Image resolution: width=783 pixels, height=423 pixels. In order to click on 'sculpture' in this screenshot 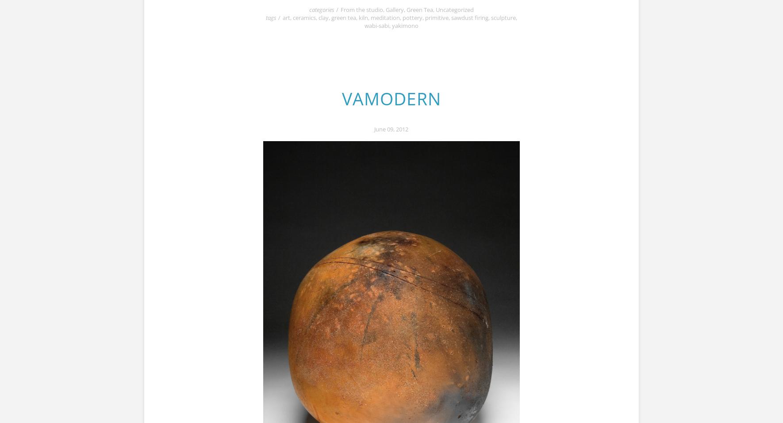, I will do `click(491, 17)`.